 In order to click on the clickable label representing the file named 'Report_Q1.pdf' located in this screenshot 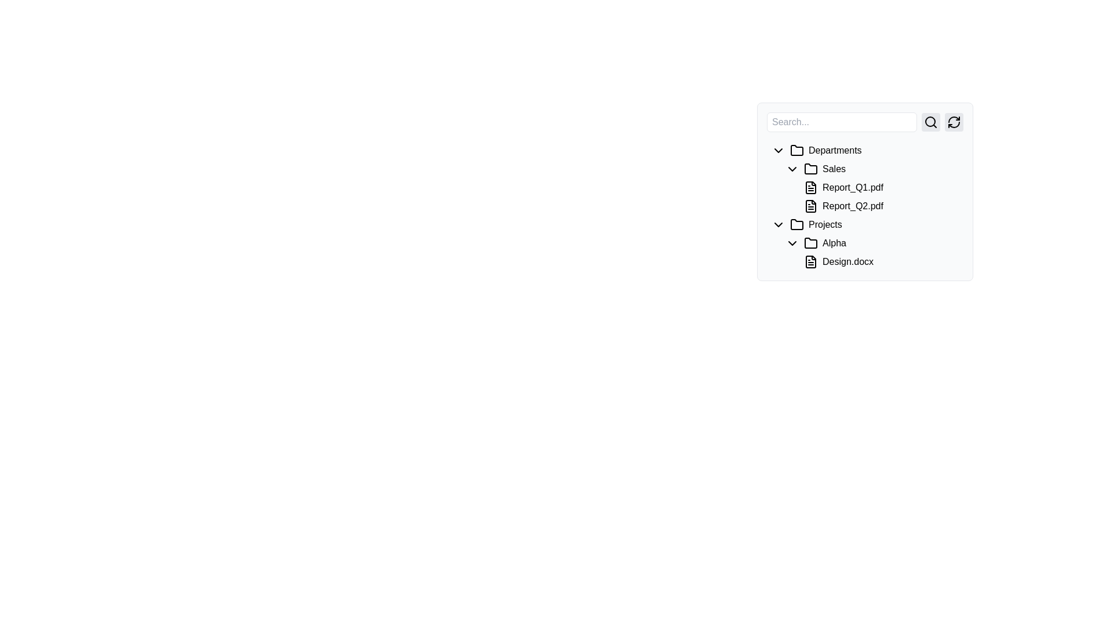, I will do `click(879, 187)`.